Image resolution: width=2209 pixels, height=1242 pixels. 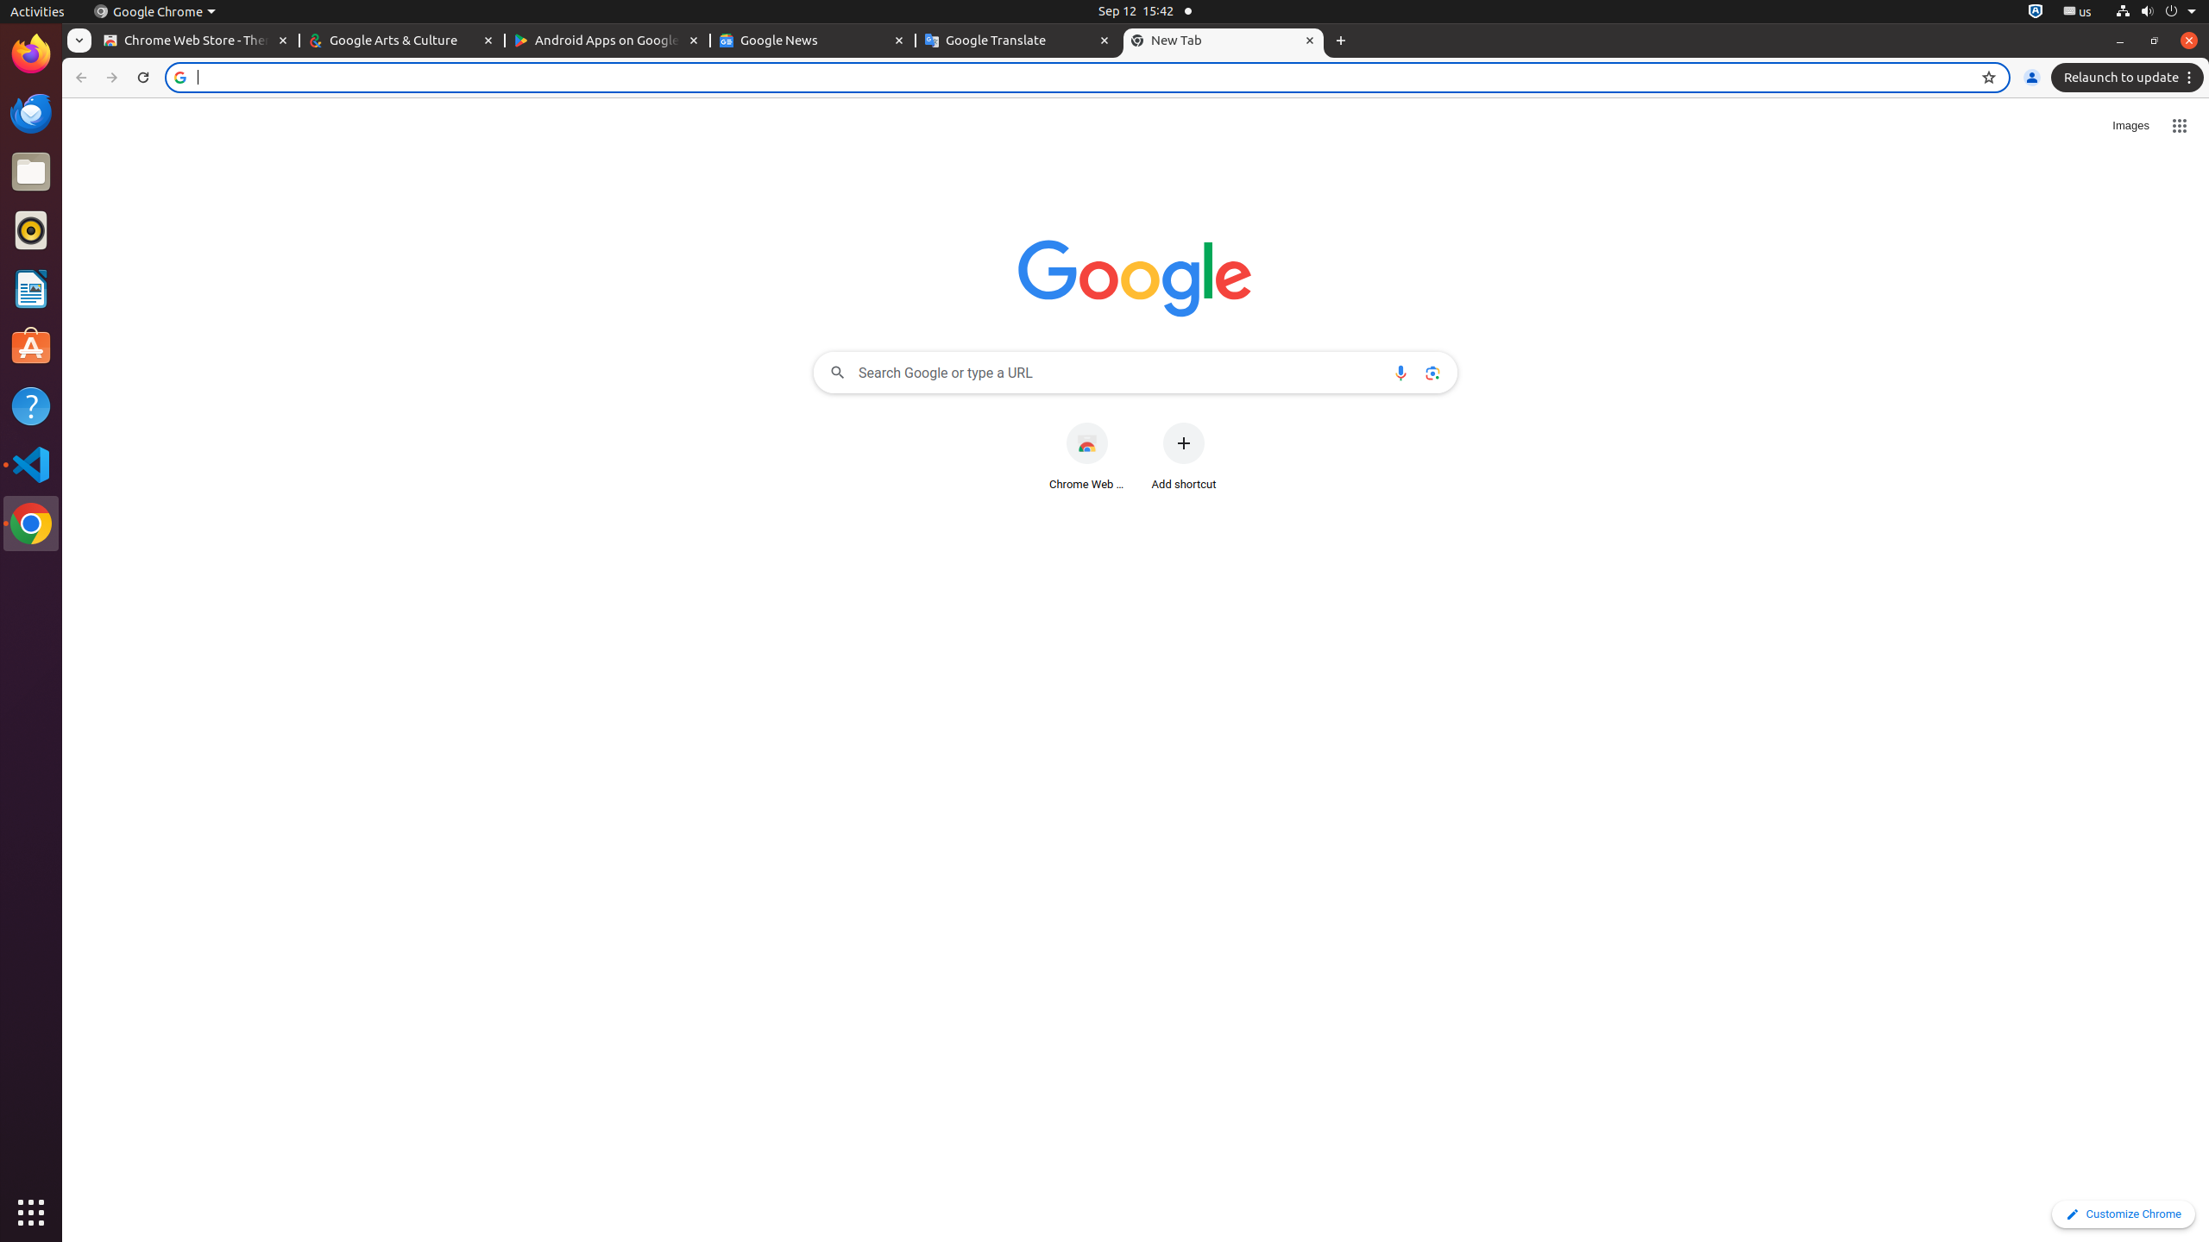 What do you see at coordinates (1432, 373) in the screenshot?
I see `'Search by image'` at bounding box center [1432, 373].